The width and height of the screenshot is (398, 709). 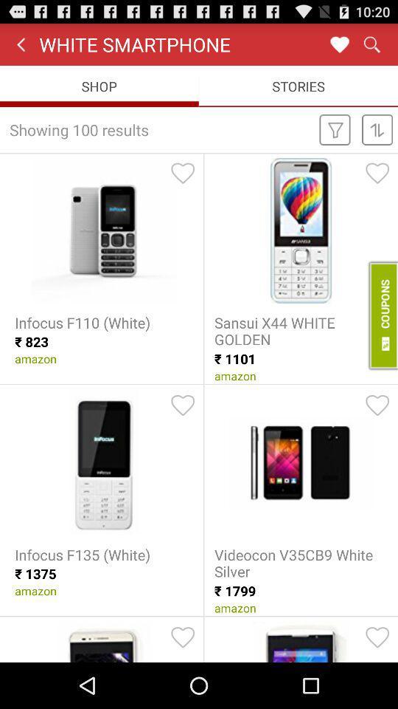 What do you see at coordinates (183, 173) in the screenshot?
I see `he can activate the simple voice command` at bounding box center [183, 173].